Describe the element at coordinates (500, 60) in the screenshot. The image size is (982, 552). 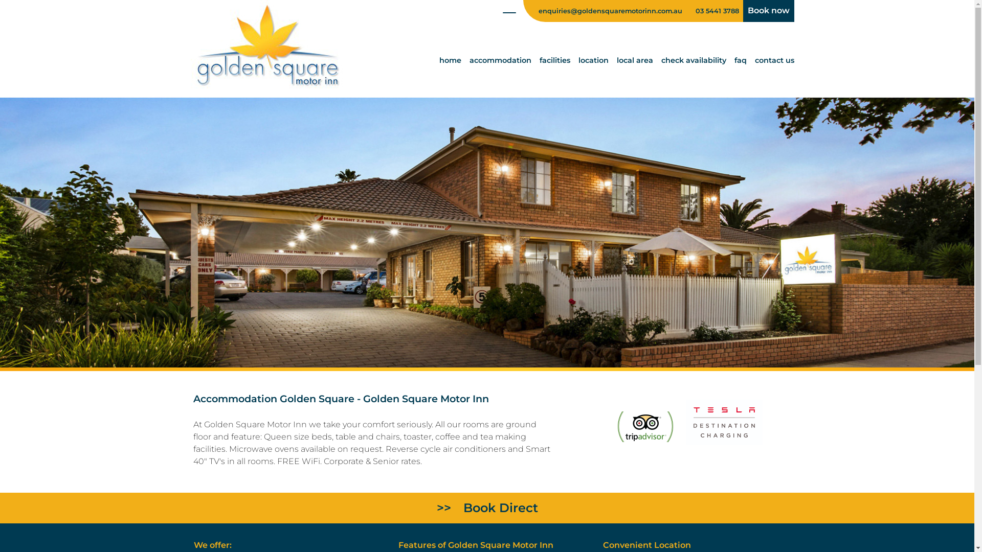
I see `'accommodation'` at that location.